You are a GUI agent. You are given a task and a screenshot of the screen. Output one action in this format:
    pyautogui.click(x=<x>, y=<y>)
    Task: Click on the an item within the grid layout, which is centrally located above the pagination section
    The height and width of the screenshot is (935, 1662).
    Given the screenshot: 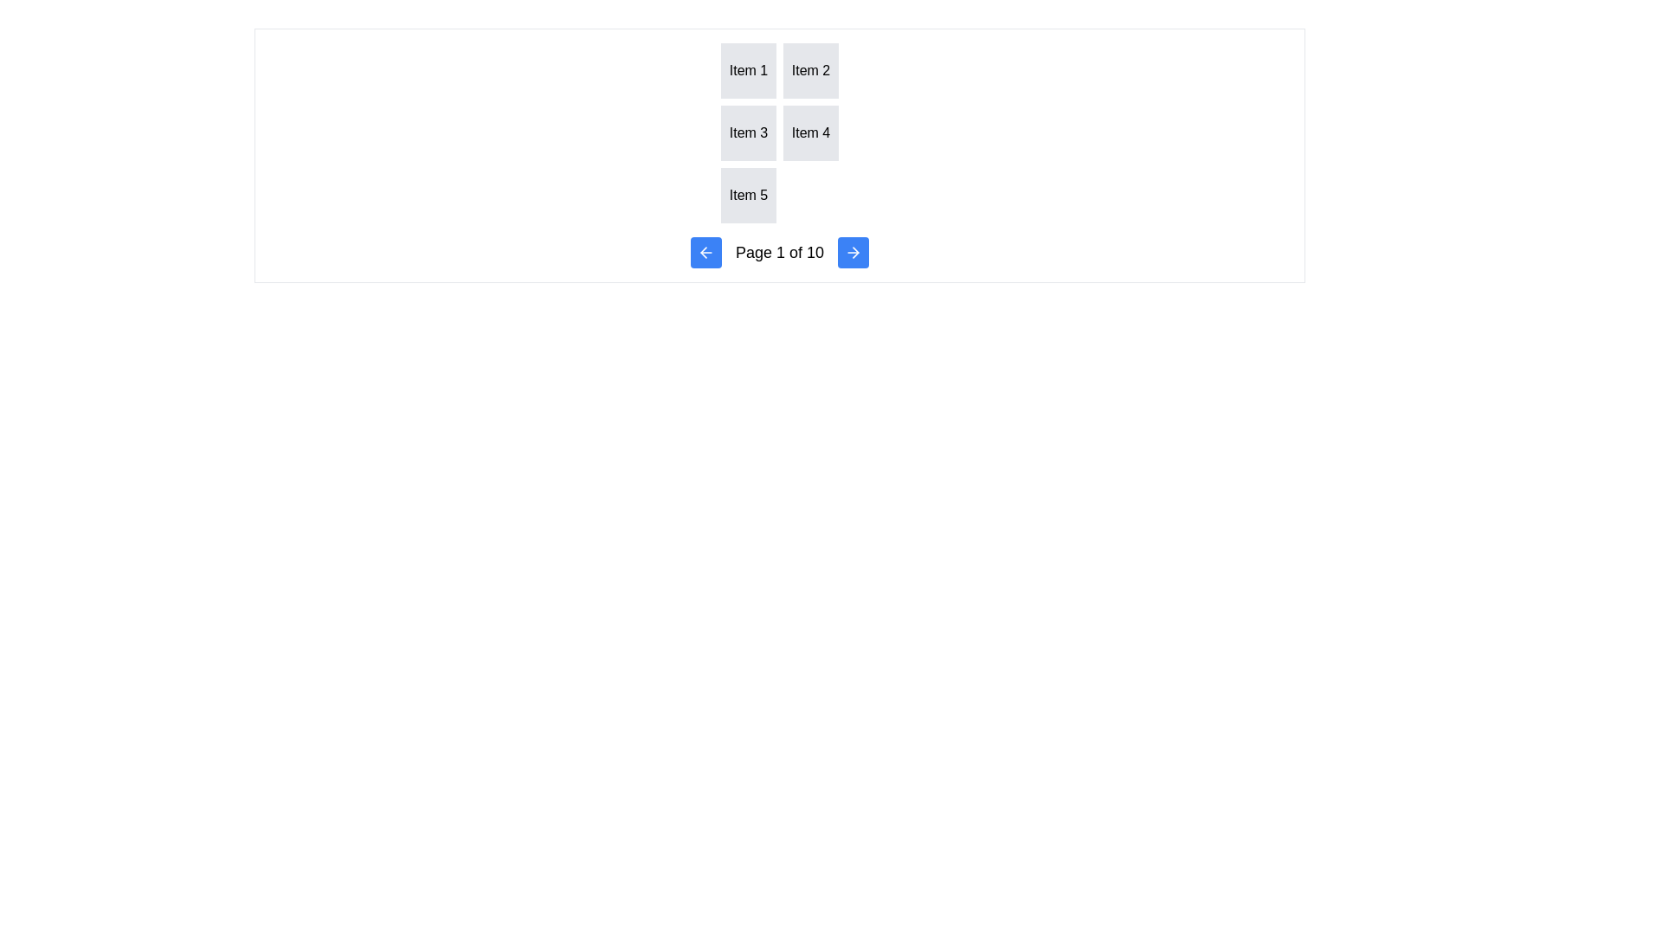 What is the action you would take?
    pyautogui.click(x=779, y=132)
    